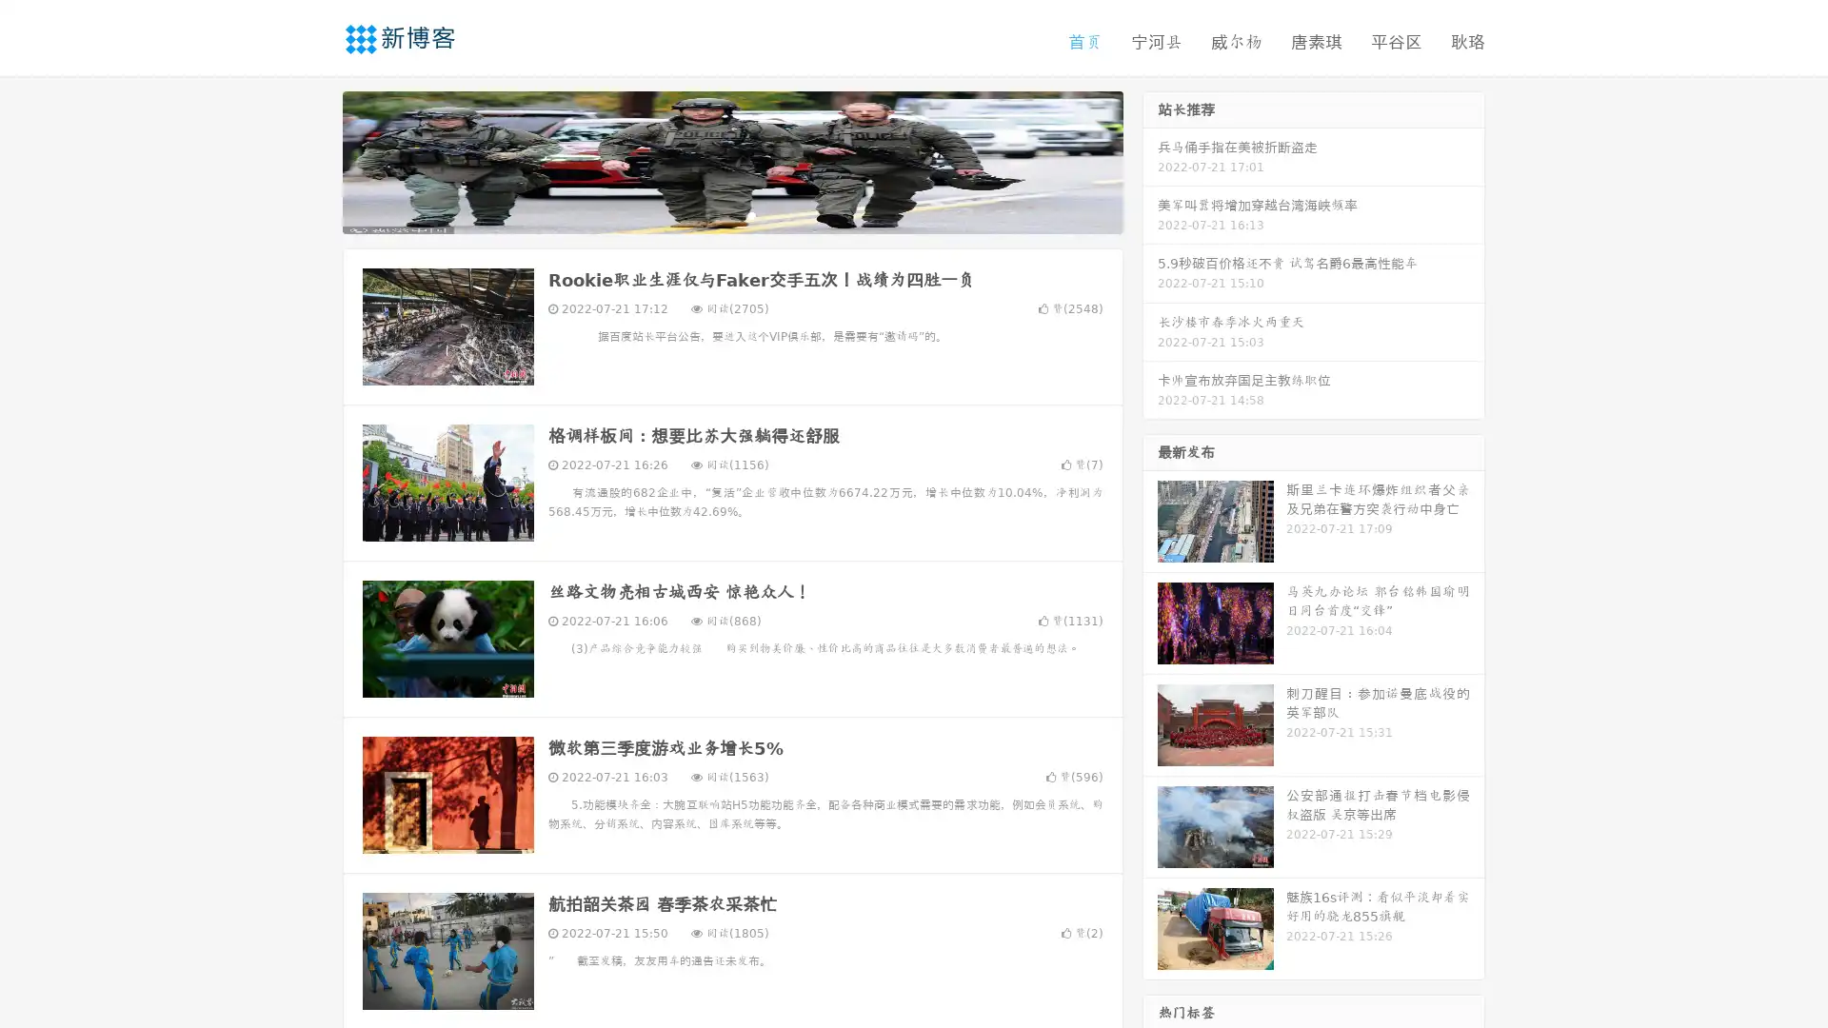 This screenshot has height=1028, width=1828. I want to click on Go to slide 2, so click(731, 214).